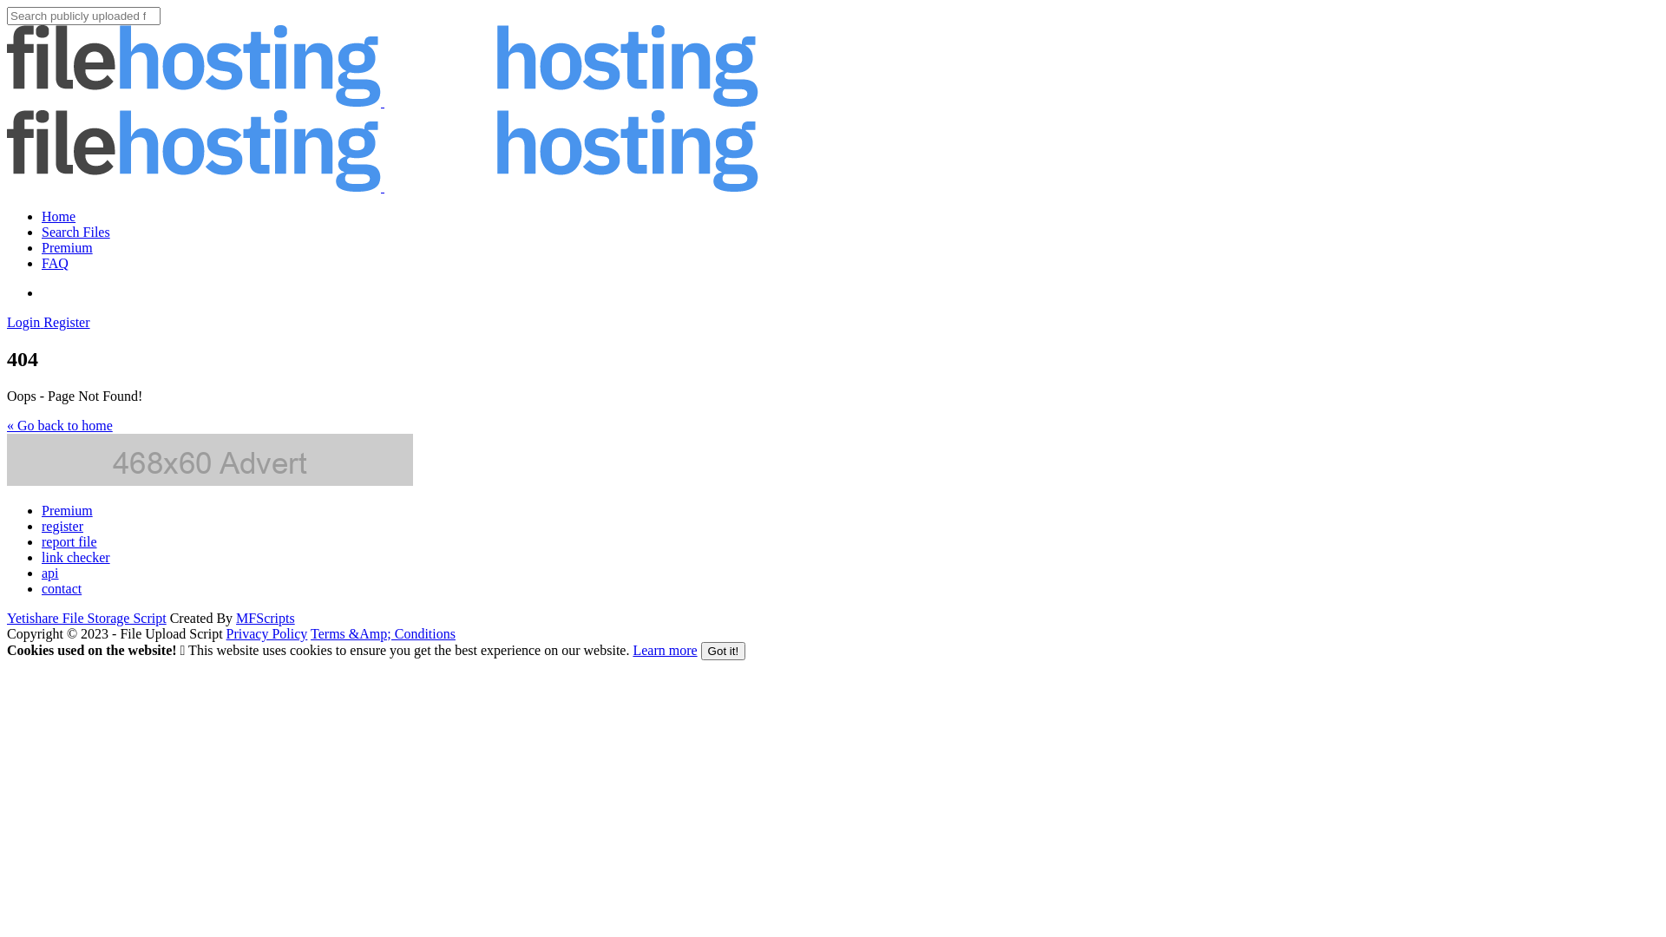  Describe the element at coordinates (69, 541) in the screenshot. I see `'report file'` at that location.